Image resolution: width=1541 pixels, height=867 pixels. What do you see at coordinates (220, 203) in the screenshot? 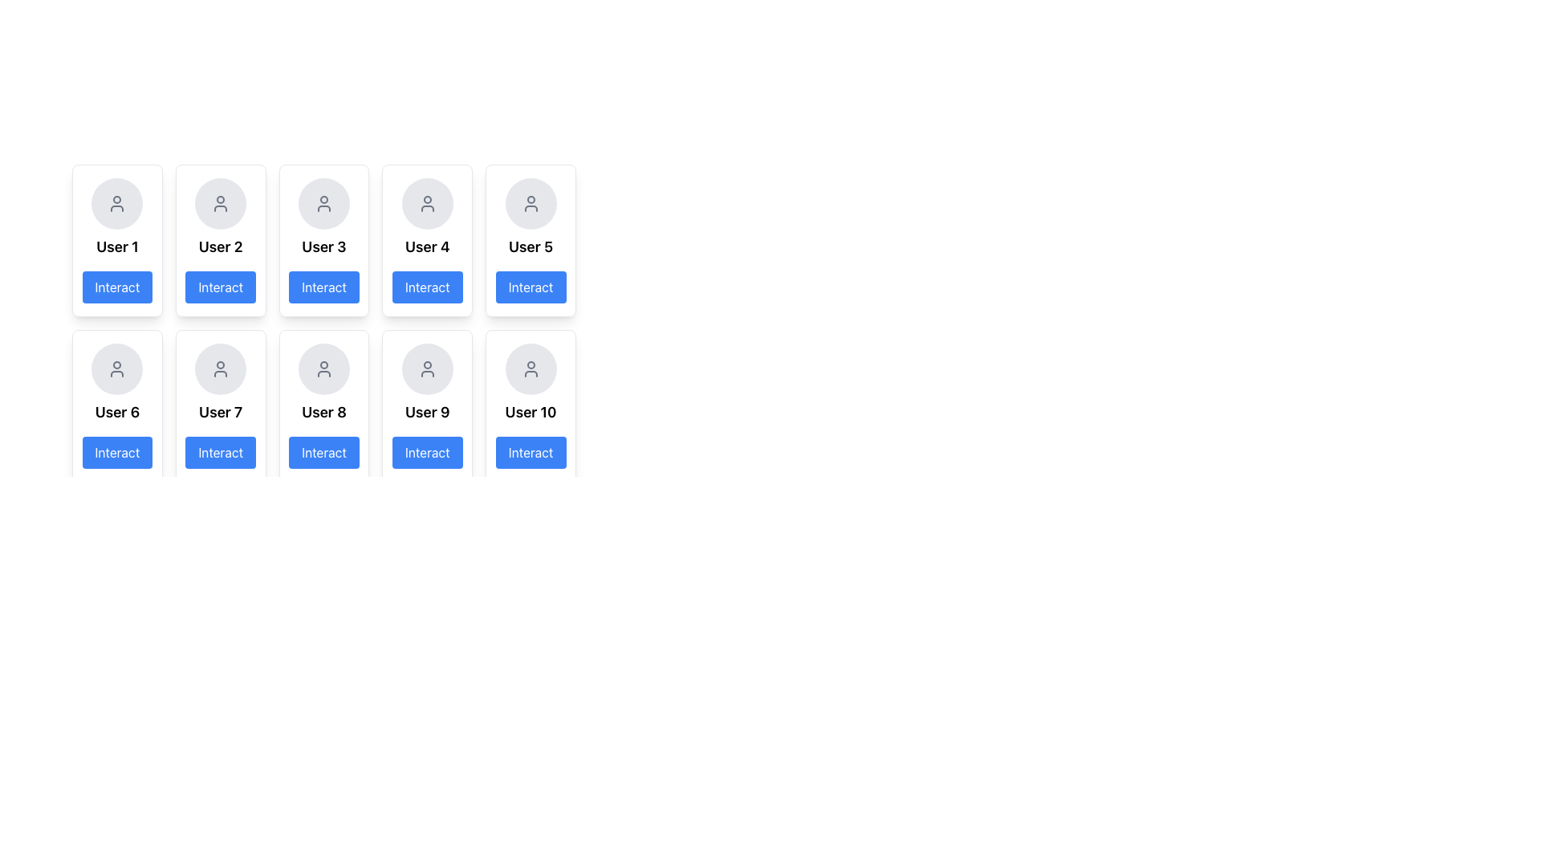
I see `the user profile icon located at the top center of the 'User 2' card, which is the second card in the first row and second column of the grid layout` at bounding box center [220, 203].